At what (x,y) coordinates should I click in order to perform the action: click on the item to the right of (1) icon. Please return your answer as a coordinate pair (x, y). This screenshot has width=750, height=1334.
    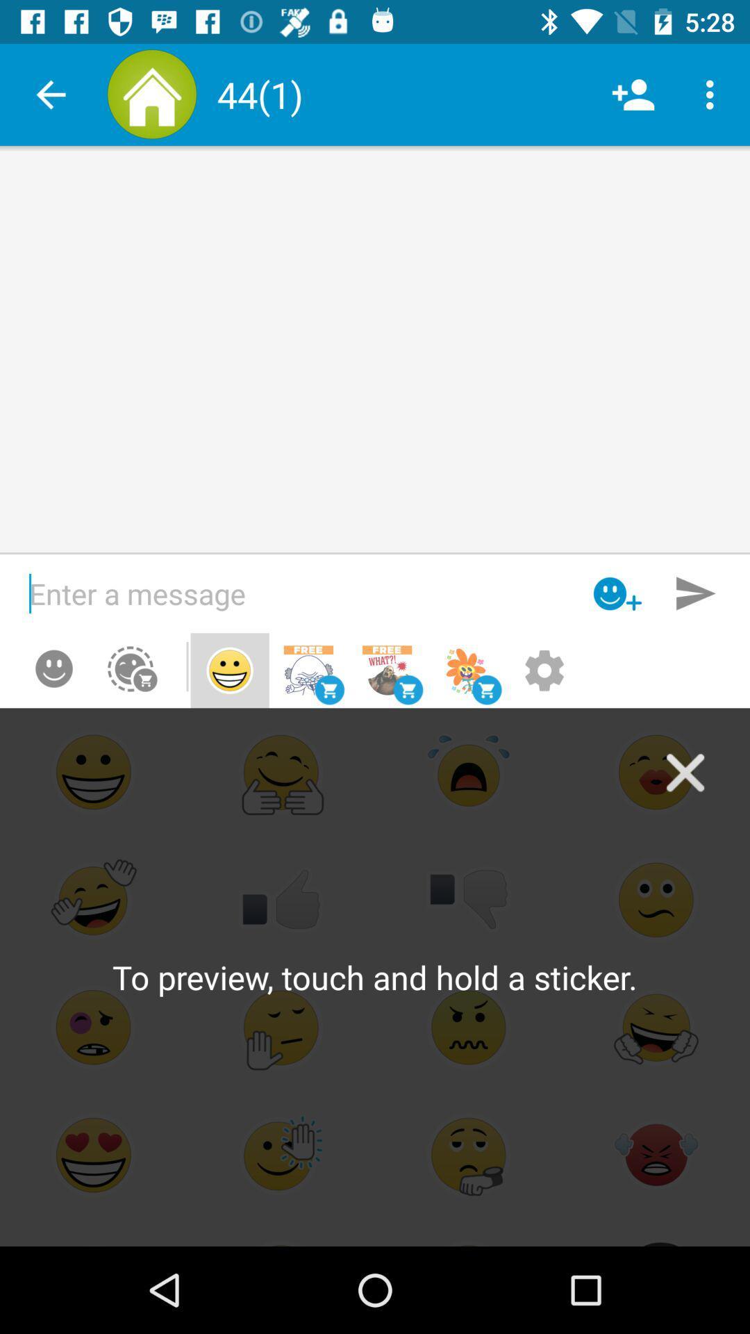
    Looking at the image, I should click on (633, 94).